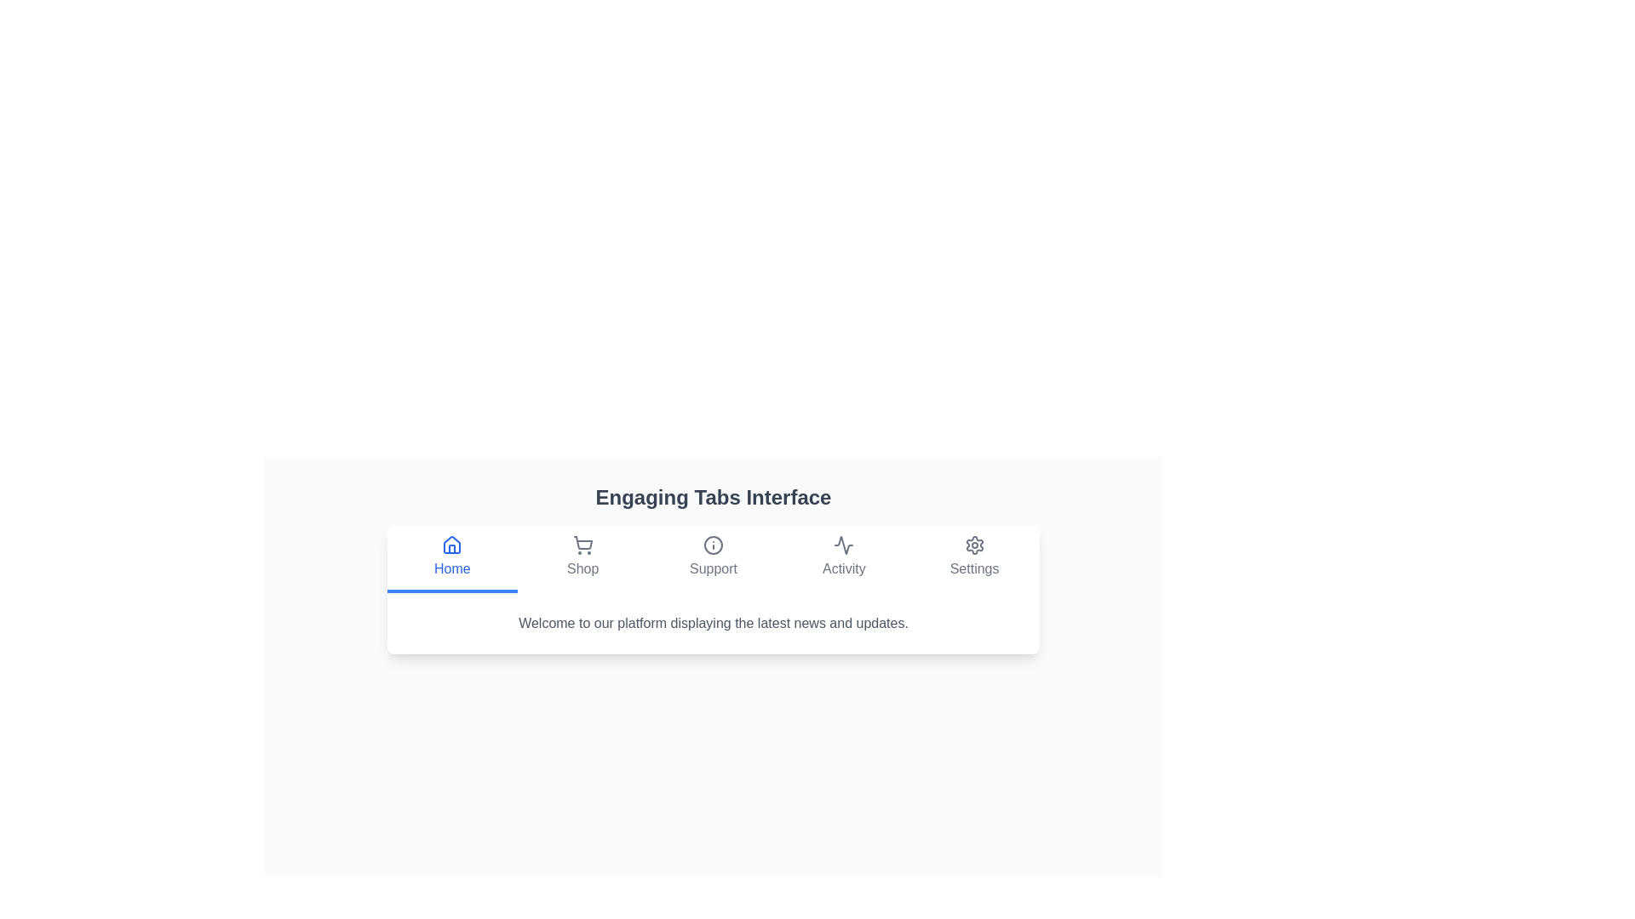 The width and height of the screenshot is (1635, 919). I want to click on the Navigation button, which is the fourth item in the horizontal navigation bar, positioned between the 'Support' and 'Settings' items, so click(844, 557).